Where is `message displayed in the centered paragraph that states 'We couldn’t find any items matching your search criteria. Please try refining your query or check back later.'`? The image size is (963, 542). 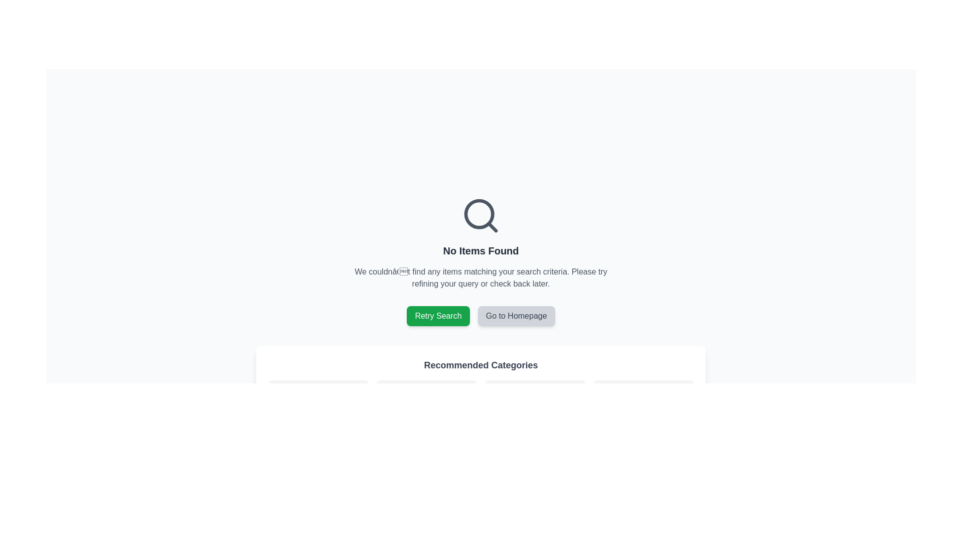
message displayed in the centered paragraph that states 'We couldn’t find any items matching your search criteria. Please try refining your query or check back later.' is located at coordinates (480, 278).